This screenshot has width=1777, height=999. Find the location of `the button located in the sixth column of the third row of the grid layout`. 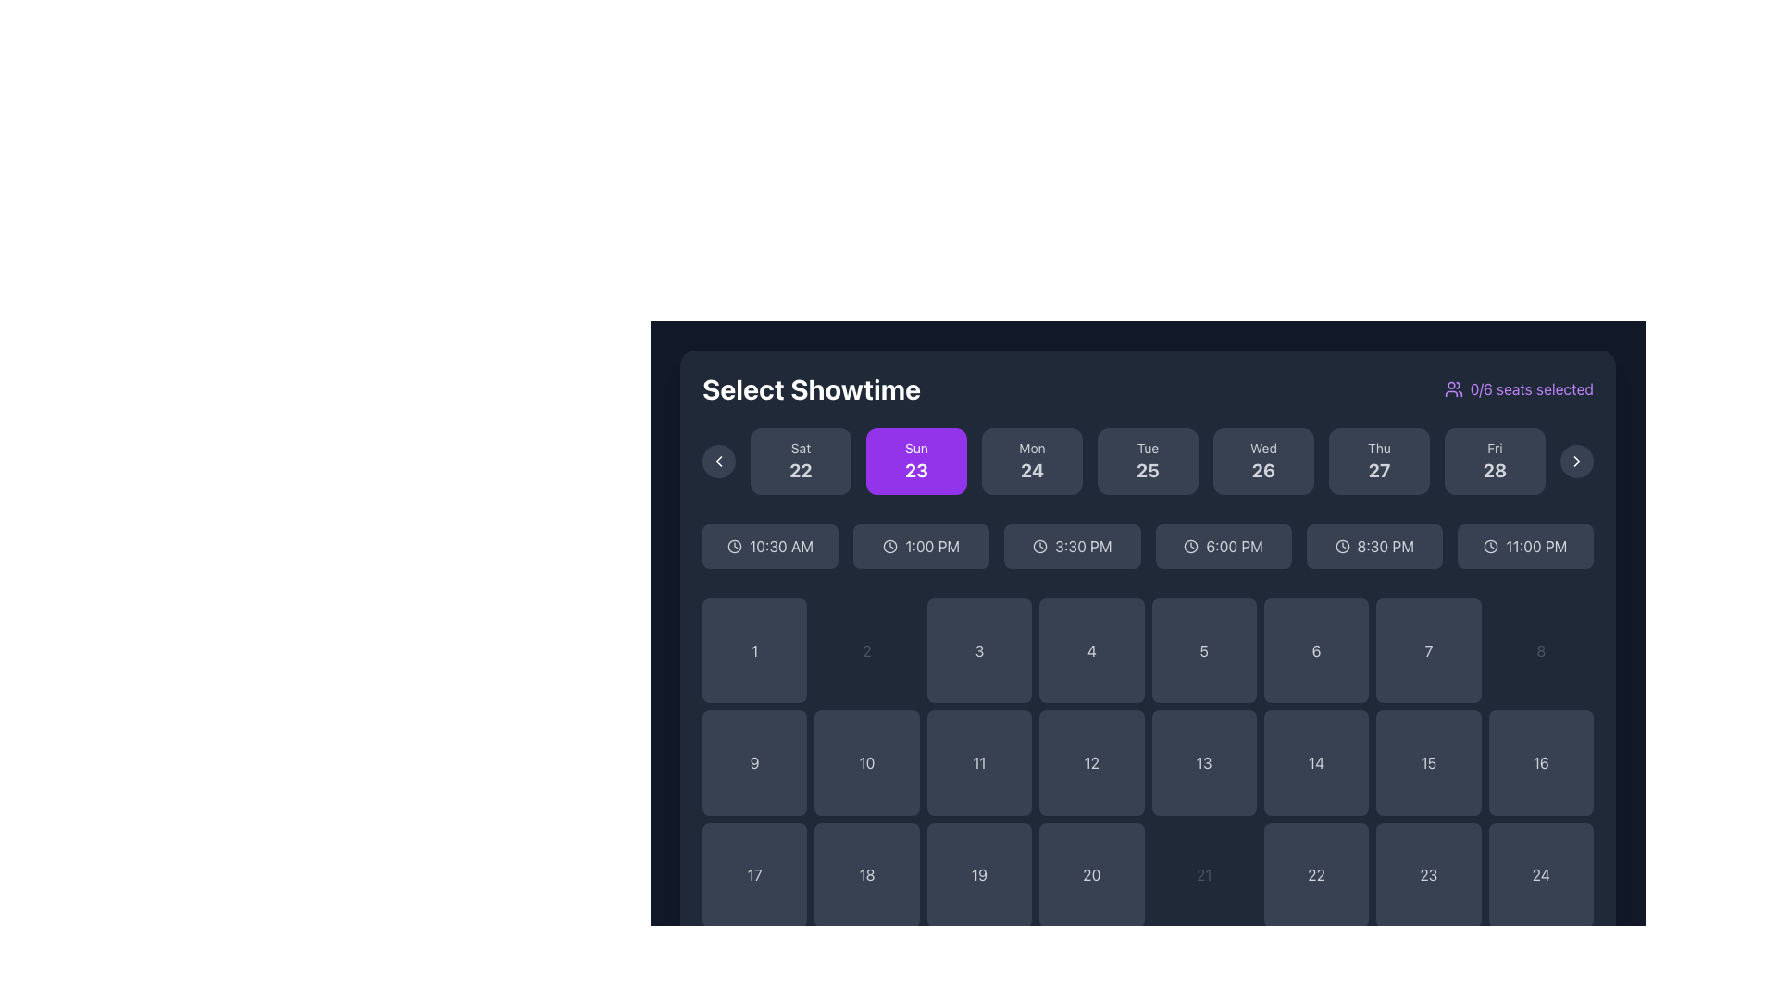

the button located in the sixth column of the third row of the grid layout is located at coordinates (1204, 874).